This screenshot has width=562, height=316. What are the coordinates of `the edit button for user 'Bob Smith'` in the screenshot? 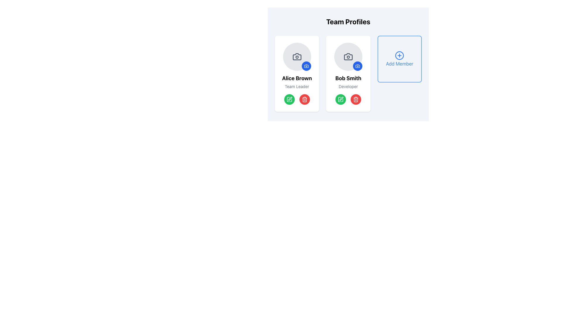 It's located at (340, 99).